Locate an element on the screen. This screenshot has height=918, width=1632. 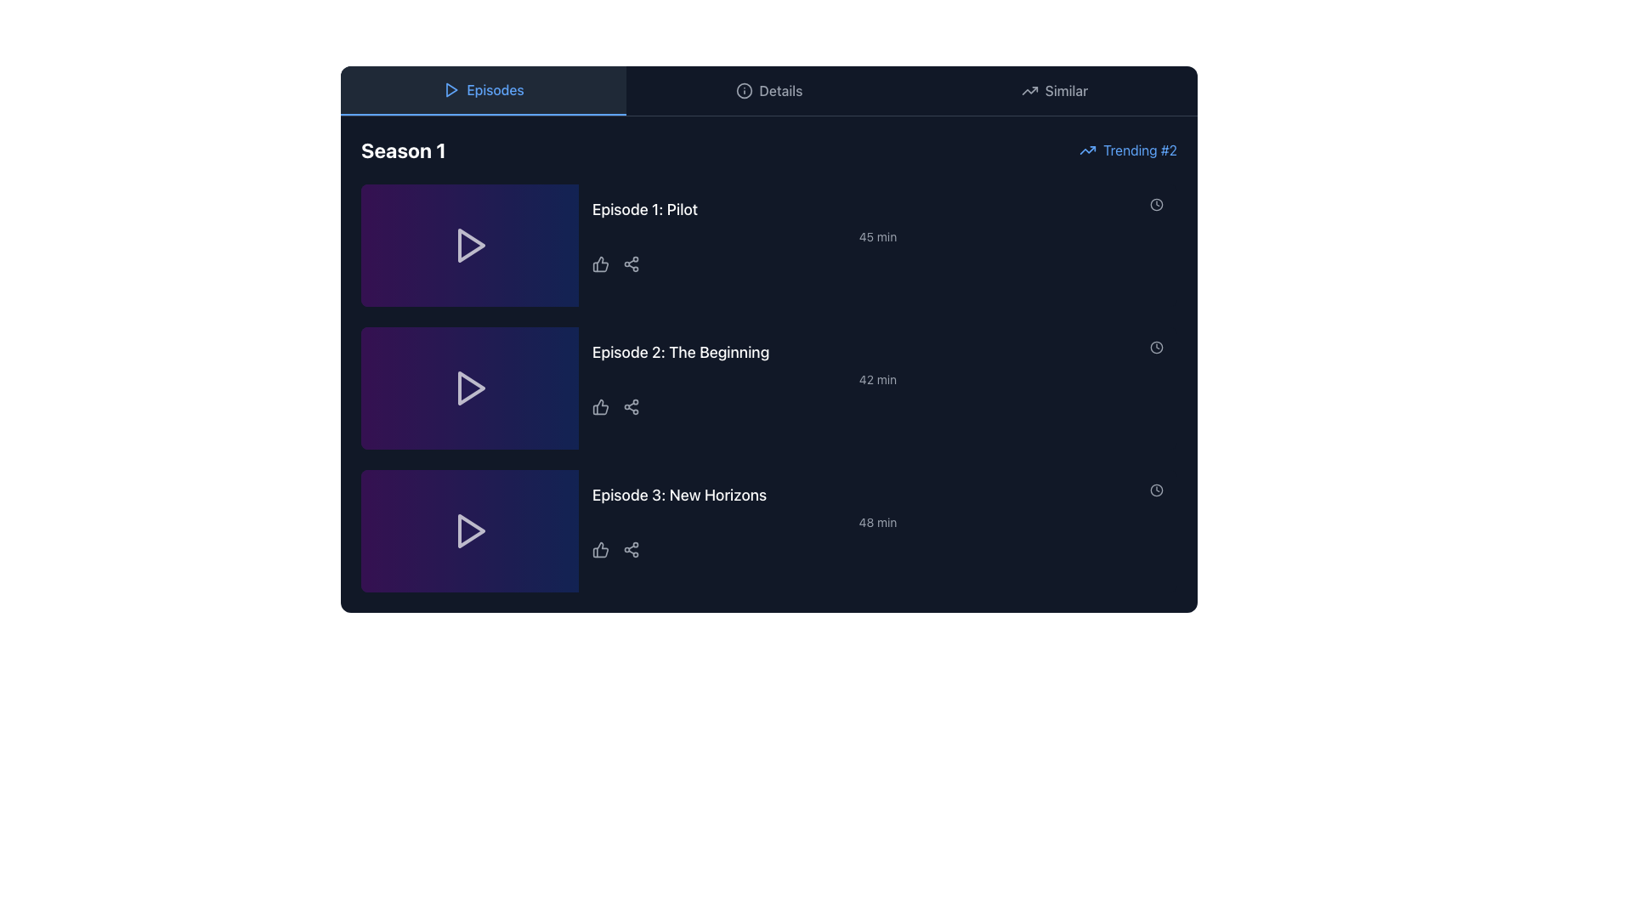
the text label reading 'Episode 3: New Horizons', which is displayed in a medium-sized white font and is prominently placed against a dark background, located to the right of the thumbnail image for the respective episode is located at coordinates (678, 495).